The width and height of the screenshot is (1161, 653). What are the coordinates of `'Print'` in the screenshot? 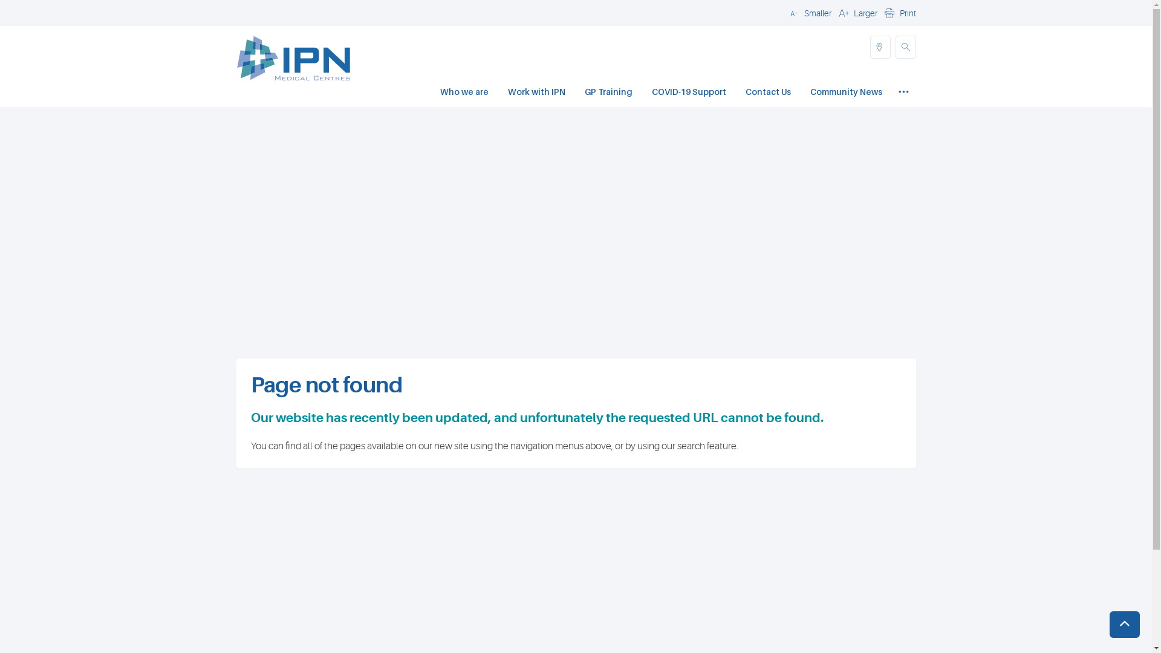 It's located at (899, 12).